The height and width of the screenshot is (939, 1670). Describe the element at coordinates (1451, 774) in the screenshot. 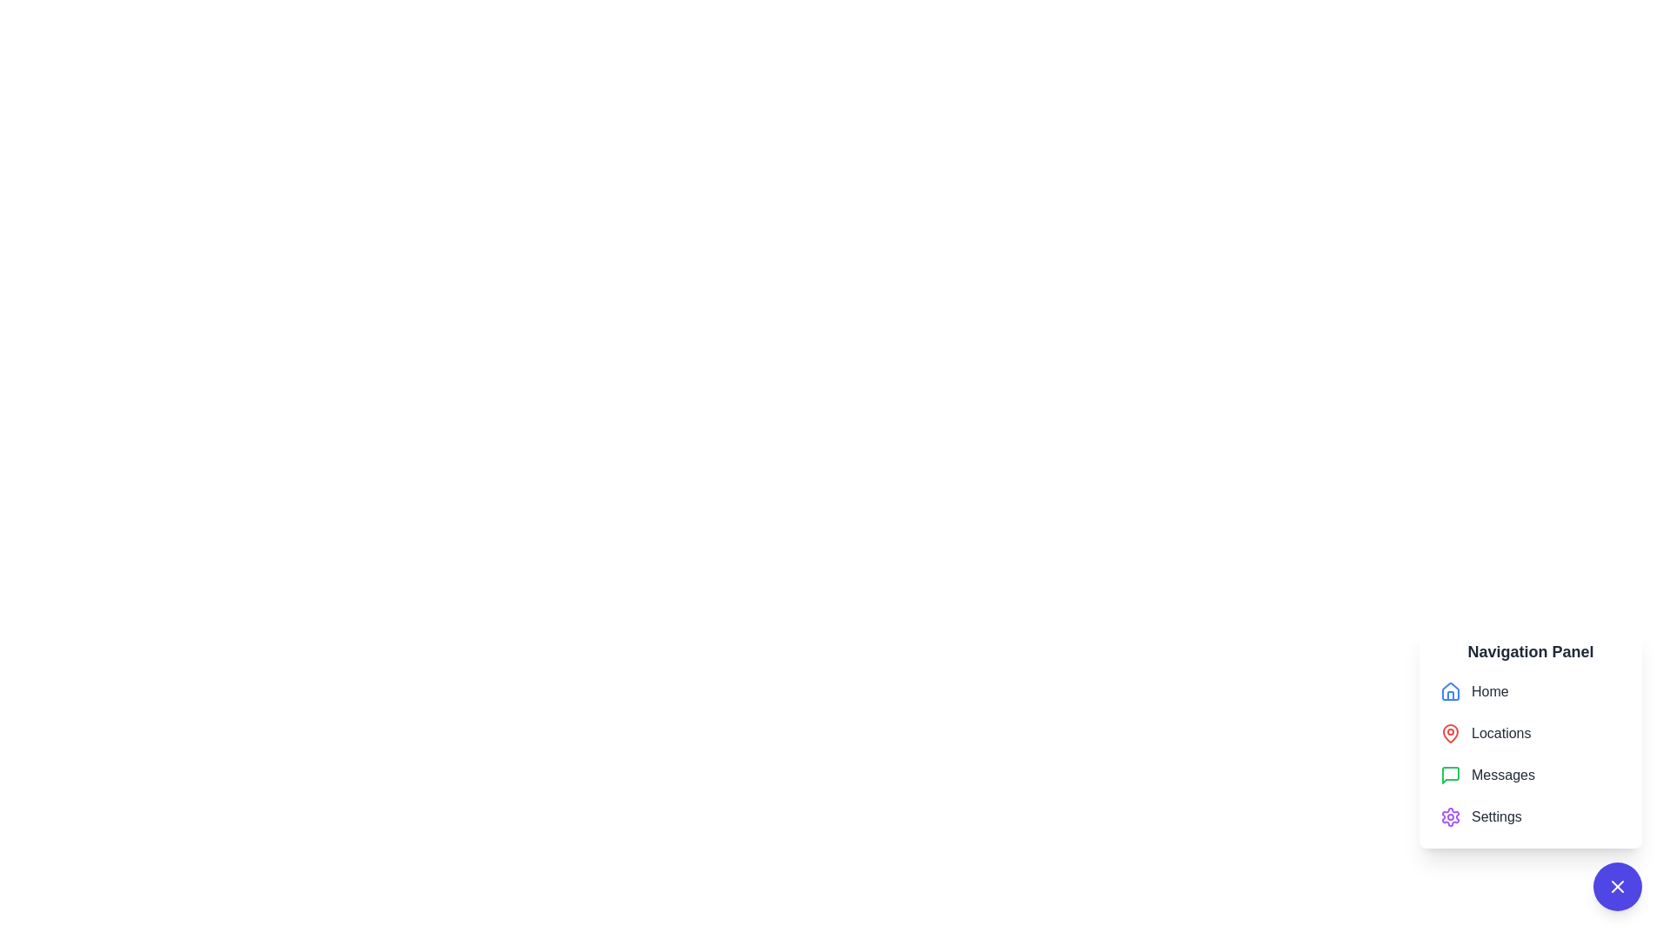

I see `the speech bubble icon in the navigation menu, which is the third icon from the top next to the 'Messages' text` at that location.